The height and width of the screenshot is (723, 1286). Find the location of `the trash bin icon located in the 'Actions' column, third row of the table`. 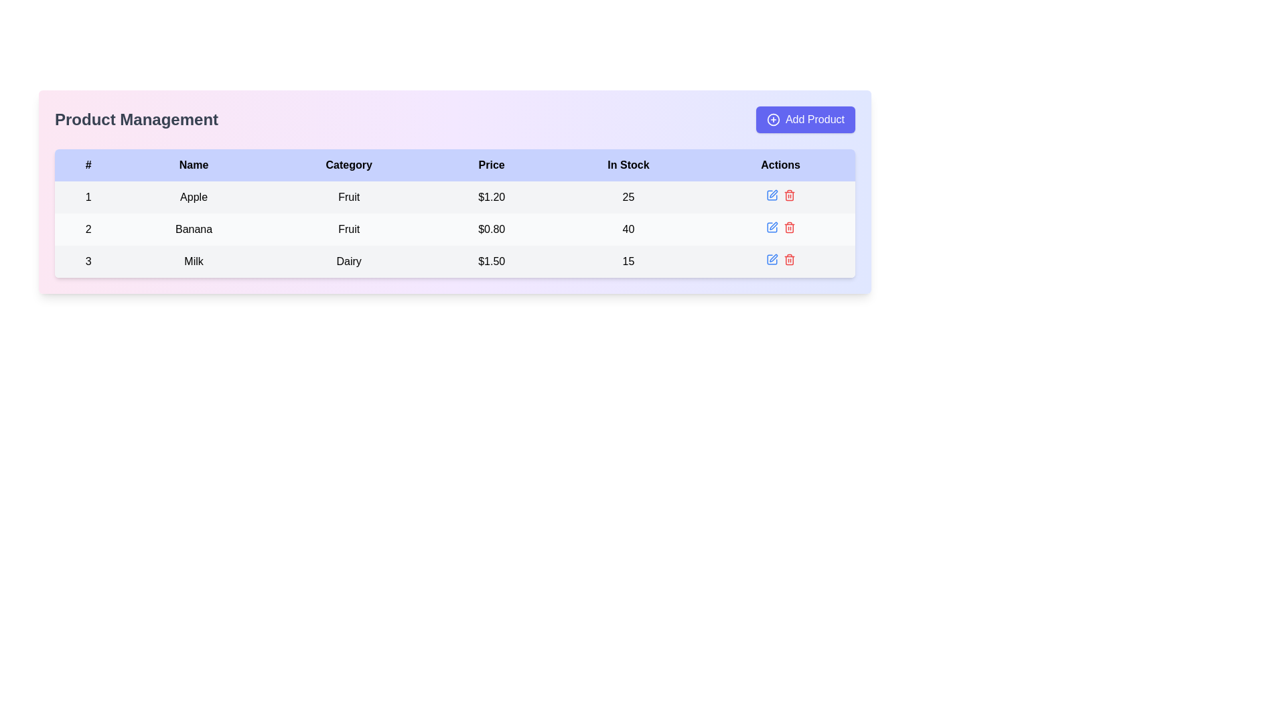

the trash bin icon located in the 'Actions' column, third row of the table is located at coordinates (789, 196).